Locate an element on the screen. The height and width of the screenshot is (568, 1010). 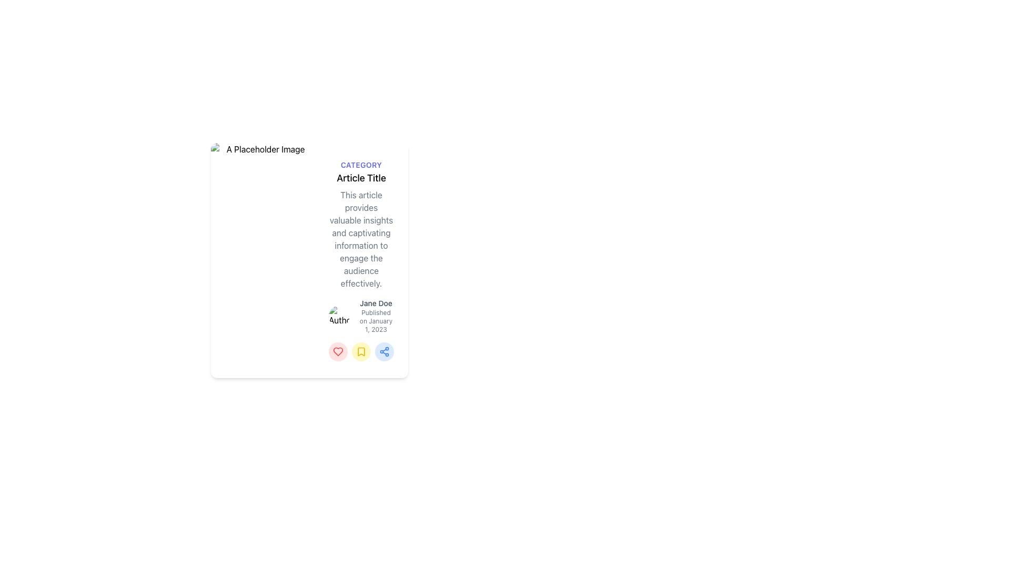
the static text label that reads 'Published on January 1, 2023', which is styled with small, gray-colored text located beneath the author's name 'Jane Doe' in the lower-right region of the article card is located at coordinates (376, 320).